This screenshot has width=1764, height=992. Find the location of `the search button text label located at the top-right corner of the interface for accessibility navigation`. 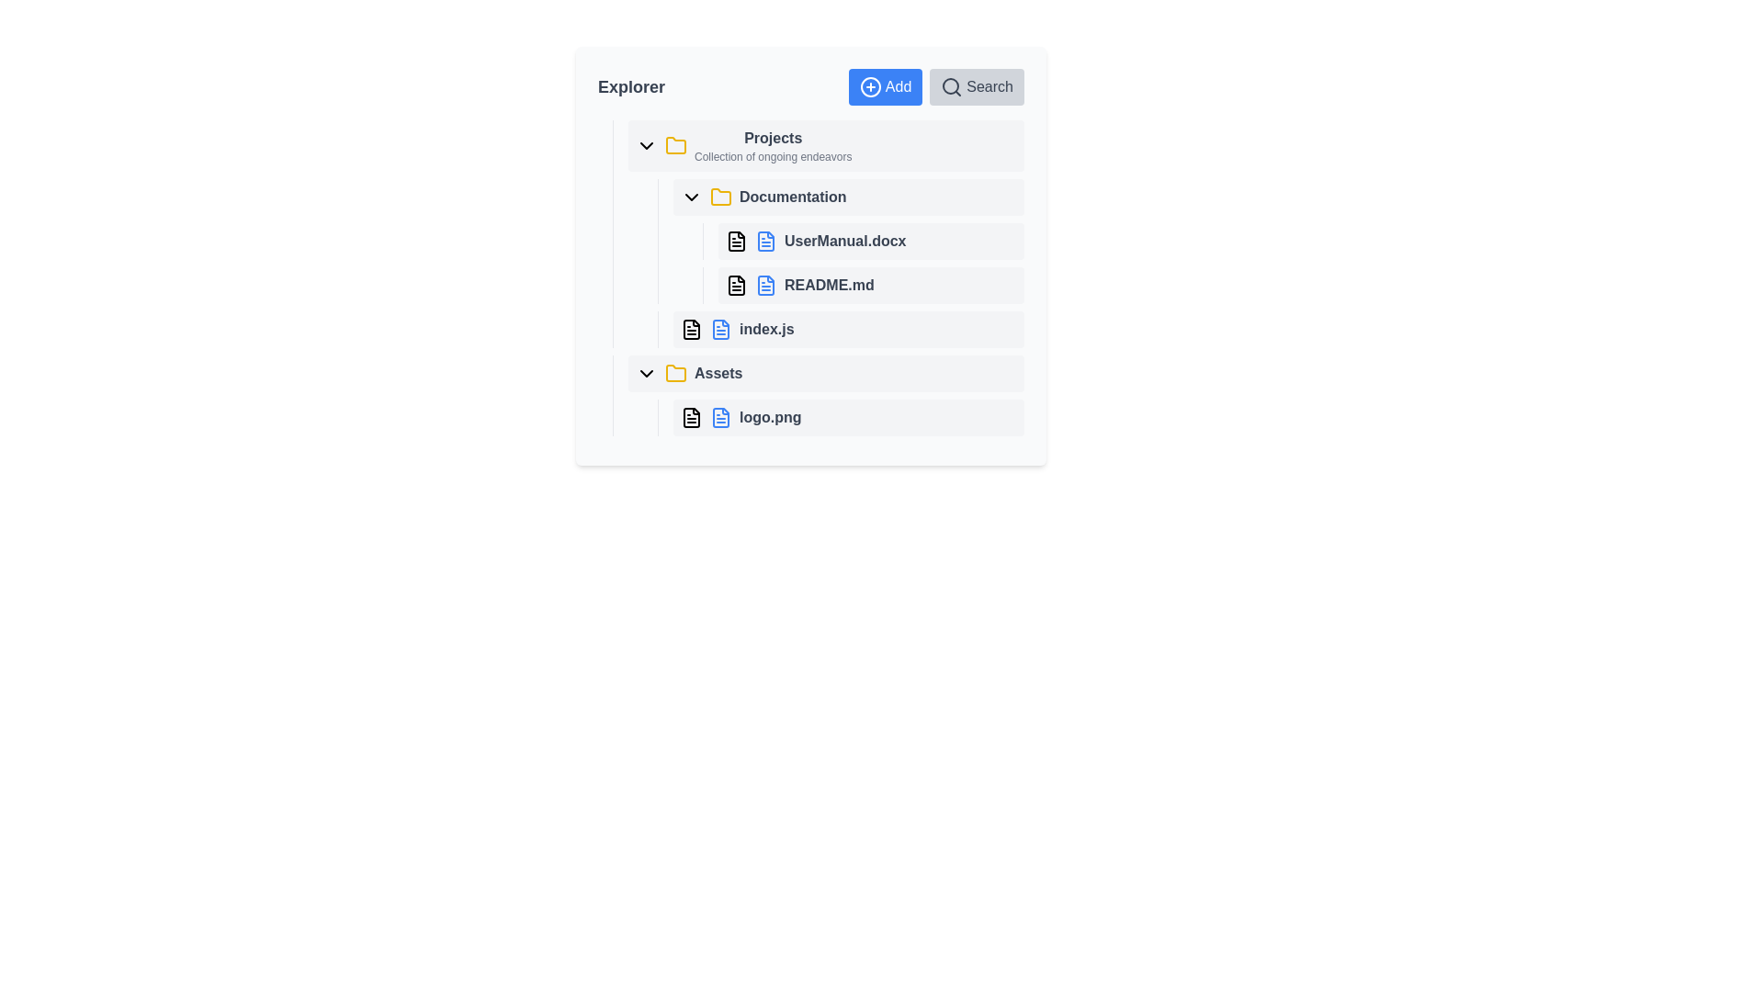

the search button text label located at the top-right corner of the interface for accessibility navigation is located at coordinates (989, 87).